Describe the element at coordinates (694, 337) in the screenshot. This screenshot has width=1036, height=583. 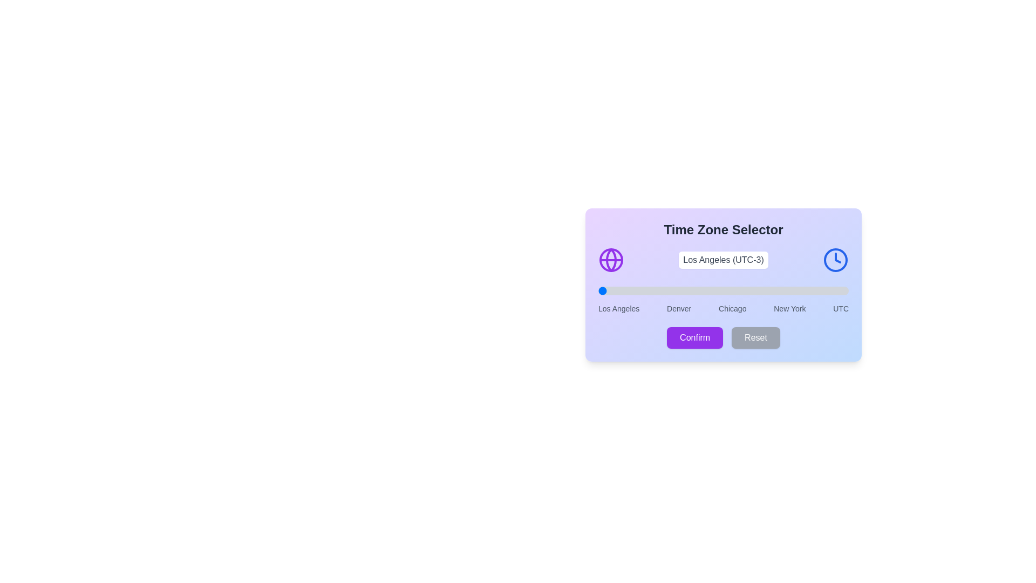
I see `'Confirm' button to save the selection` at that location.